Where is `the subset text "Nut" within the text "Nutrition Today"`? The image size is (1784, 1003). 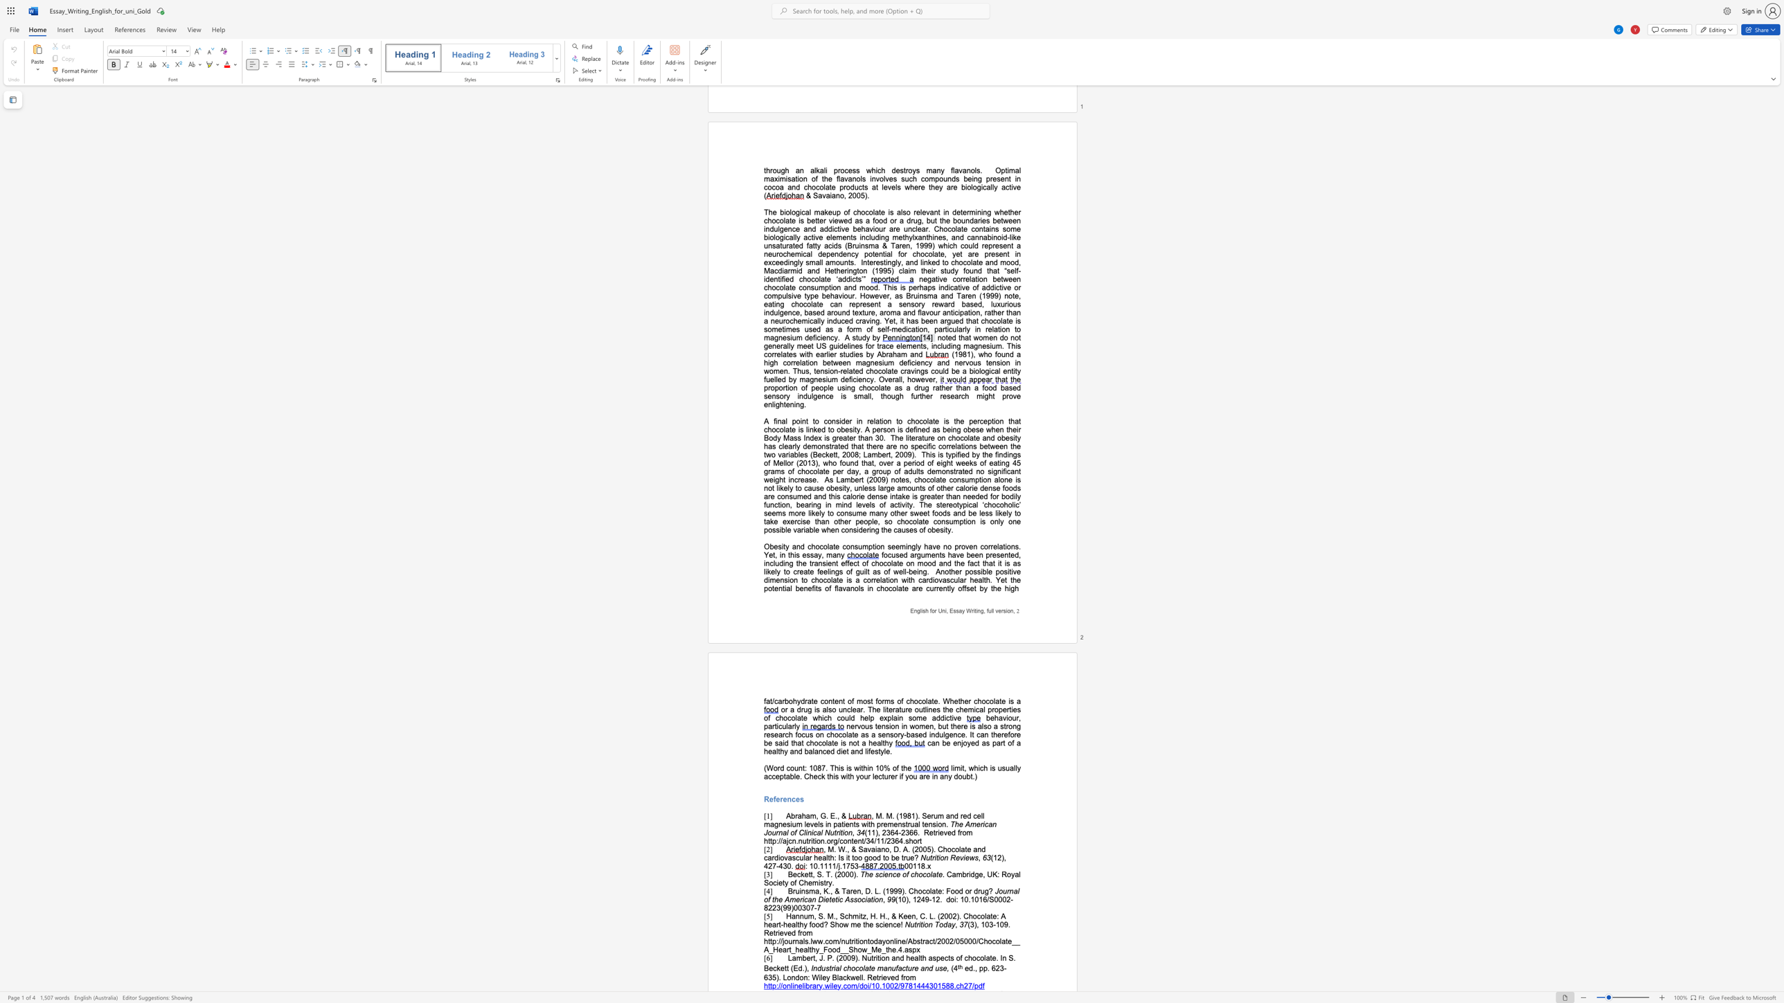
the subset text "Nut" within the text "Nutrition Today" is located at coordinates (904, 923).